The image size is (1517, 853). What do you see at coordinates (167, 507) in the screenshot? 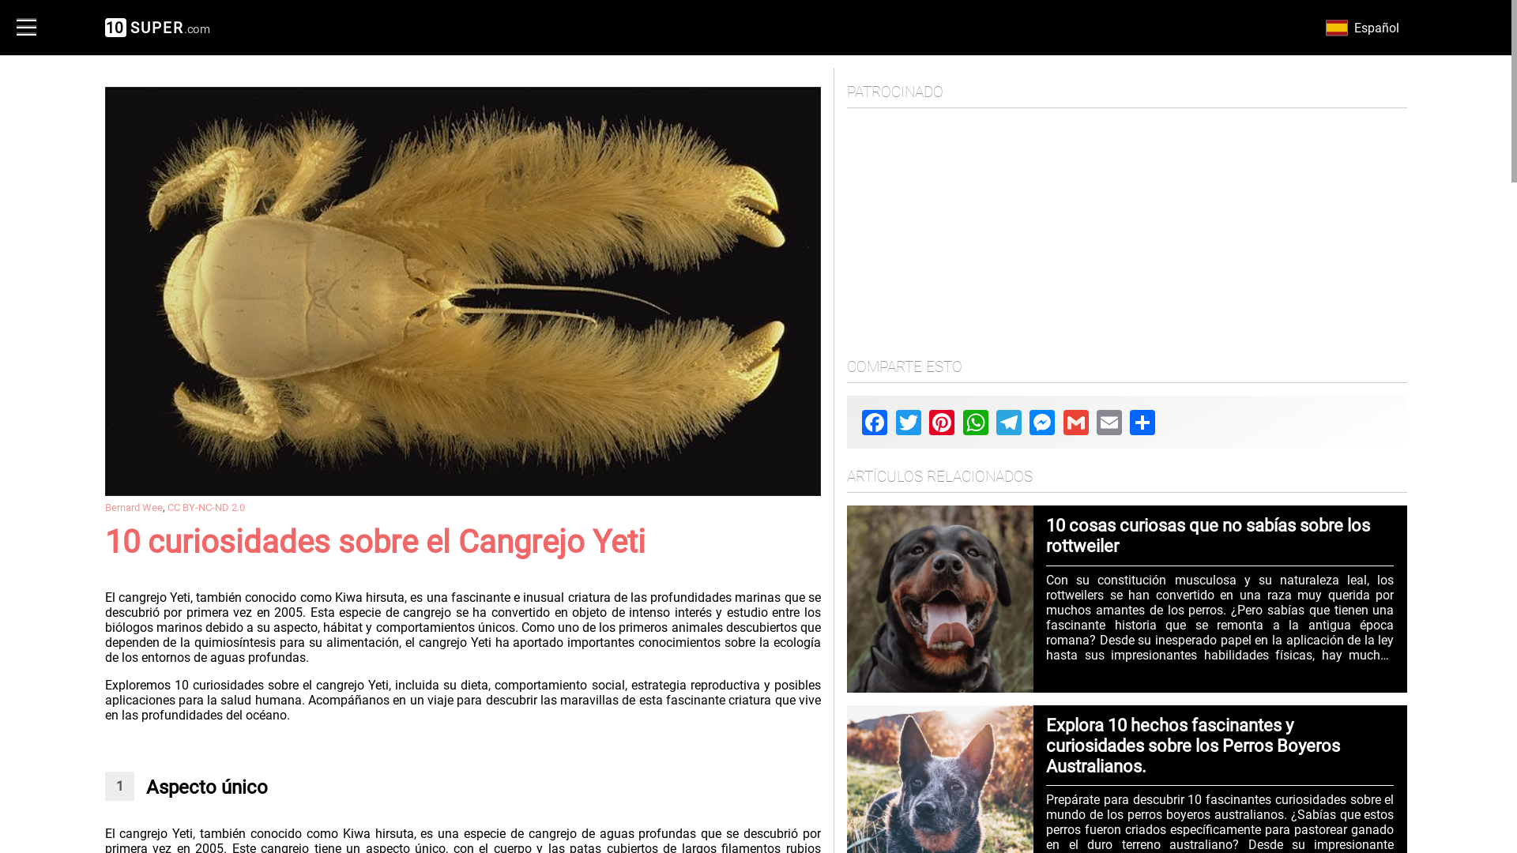
I see `'CC BY-NC-ND 2.0'` at bounding box center [167, 507].